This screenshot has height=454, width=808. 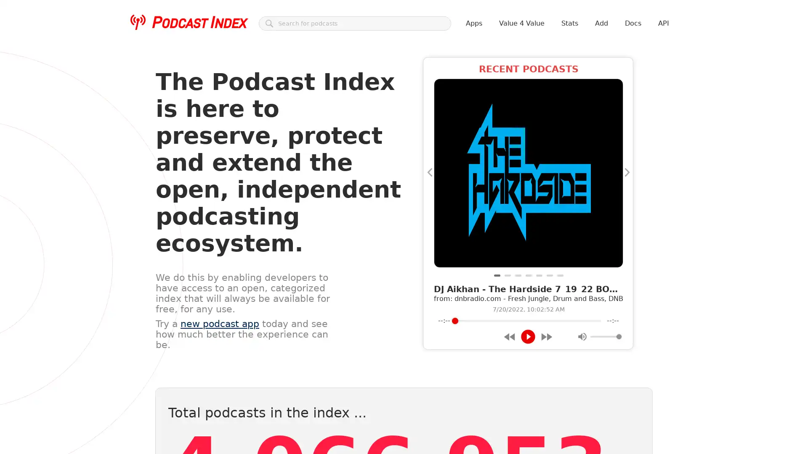 What do you see at coordinates (517, 275) in the screenshot?
I see `Trip to Las Vegas, WSOP, World Chess Championship and The Wager - The Magnus Effect Ep. 1` at bounding box center [517, 275].